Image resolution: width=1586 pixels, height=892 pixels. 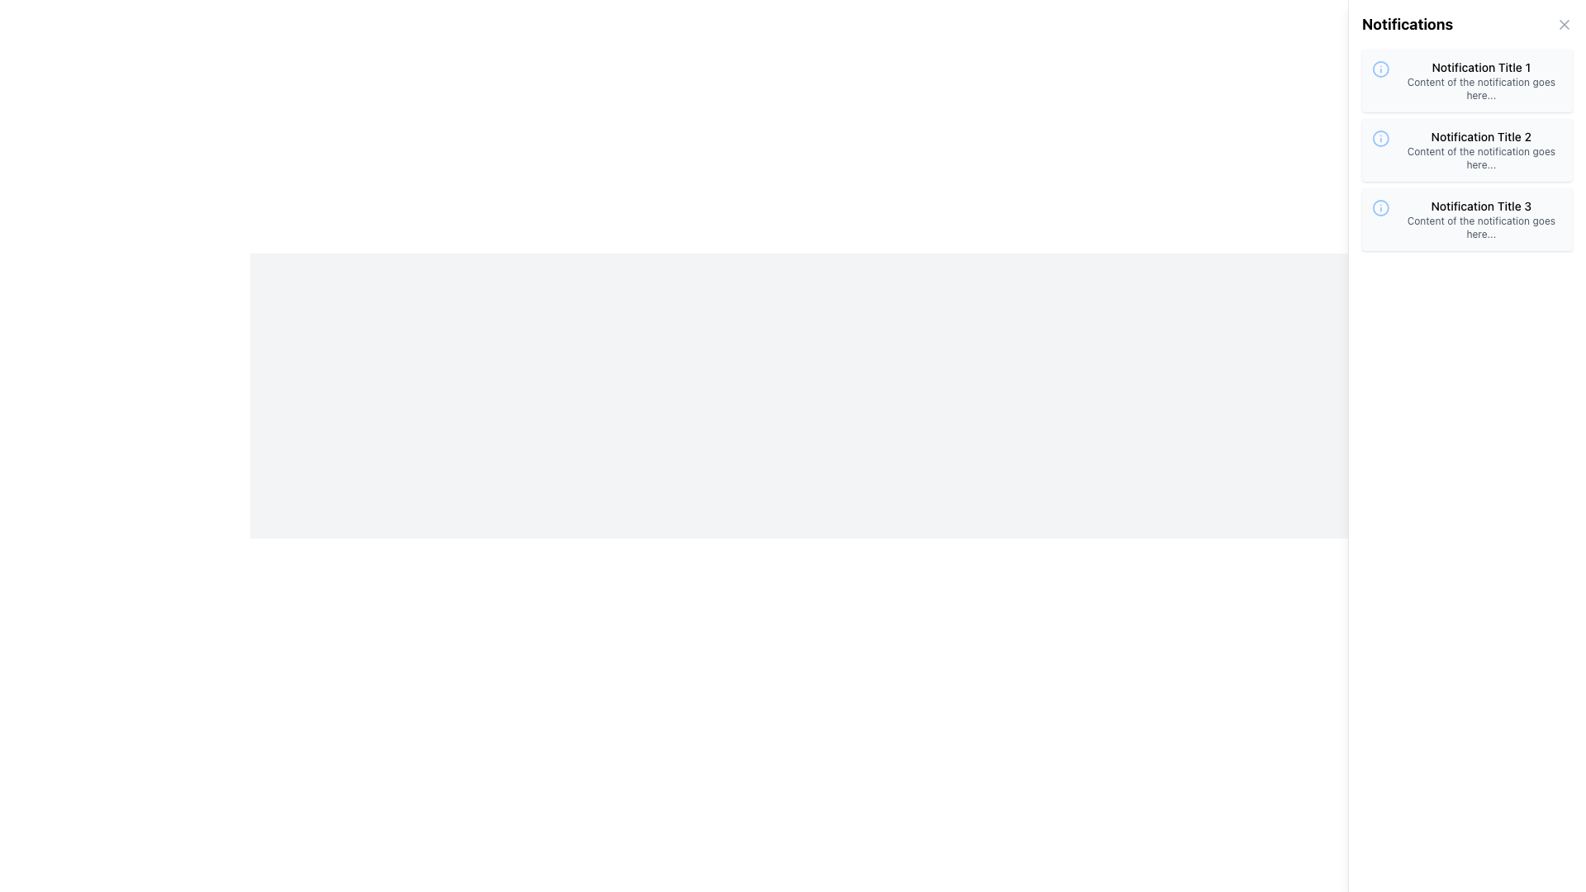 I want to click on the title text label of the notification card located at the top of the sidebar under 'Notifications.', so click(x=1481, y=66).